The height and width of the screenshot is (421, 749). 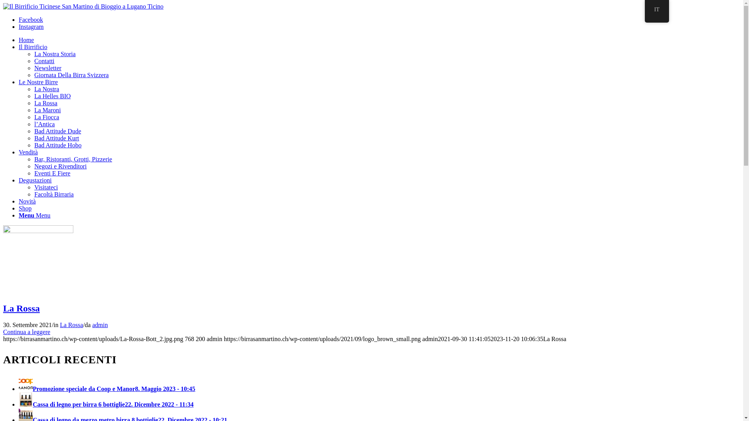 What do you see at coordinates (657, 9) in the screenshot?
I see `'IT'` at bounding box center [657, 9].